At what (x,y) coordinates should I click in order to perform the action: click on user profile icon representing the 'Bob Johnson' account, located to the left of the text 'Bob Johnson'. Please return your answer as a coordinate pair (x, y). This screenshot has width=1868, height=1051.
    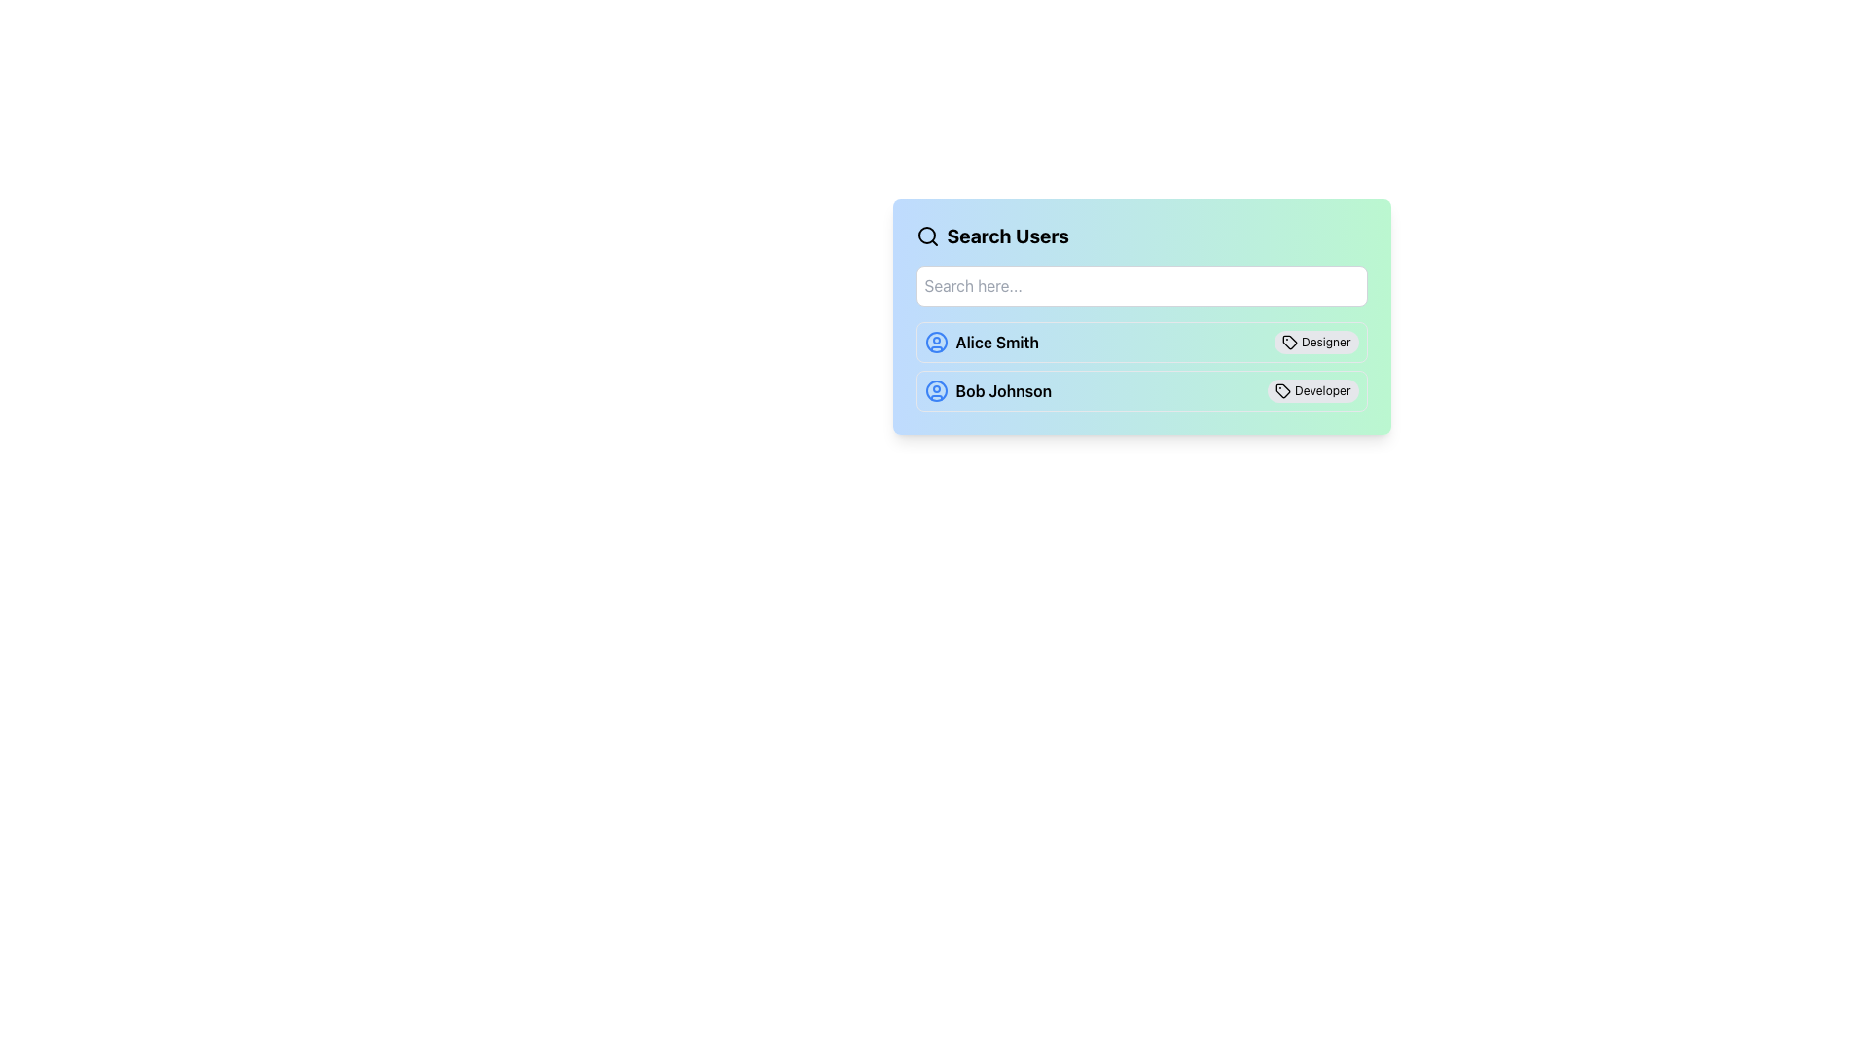
    Looking at the image, I should click on (936, 390).